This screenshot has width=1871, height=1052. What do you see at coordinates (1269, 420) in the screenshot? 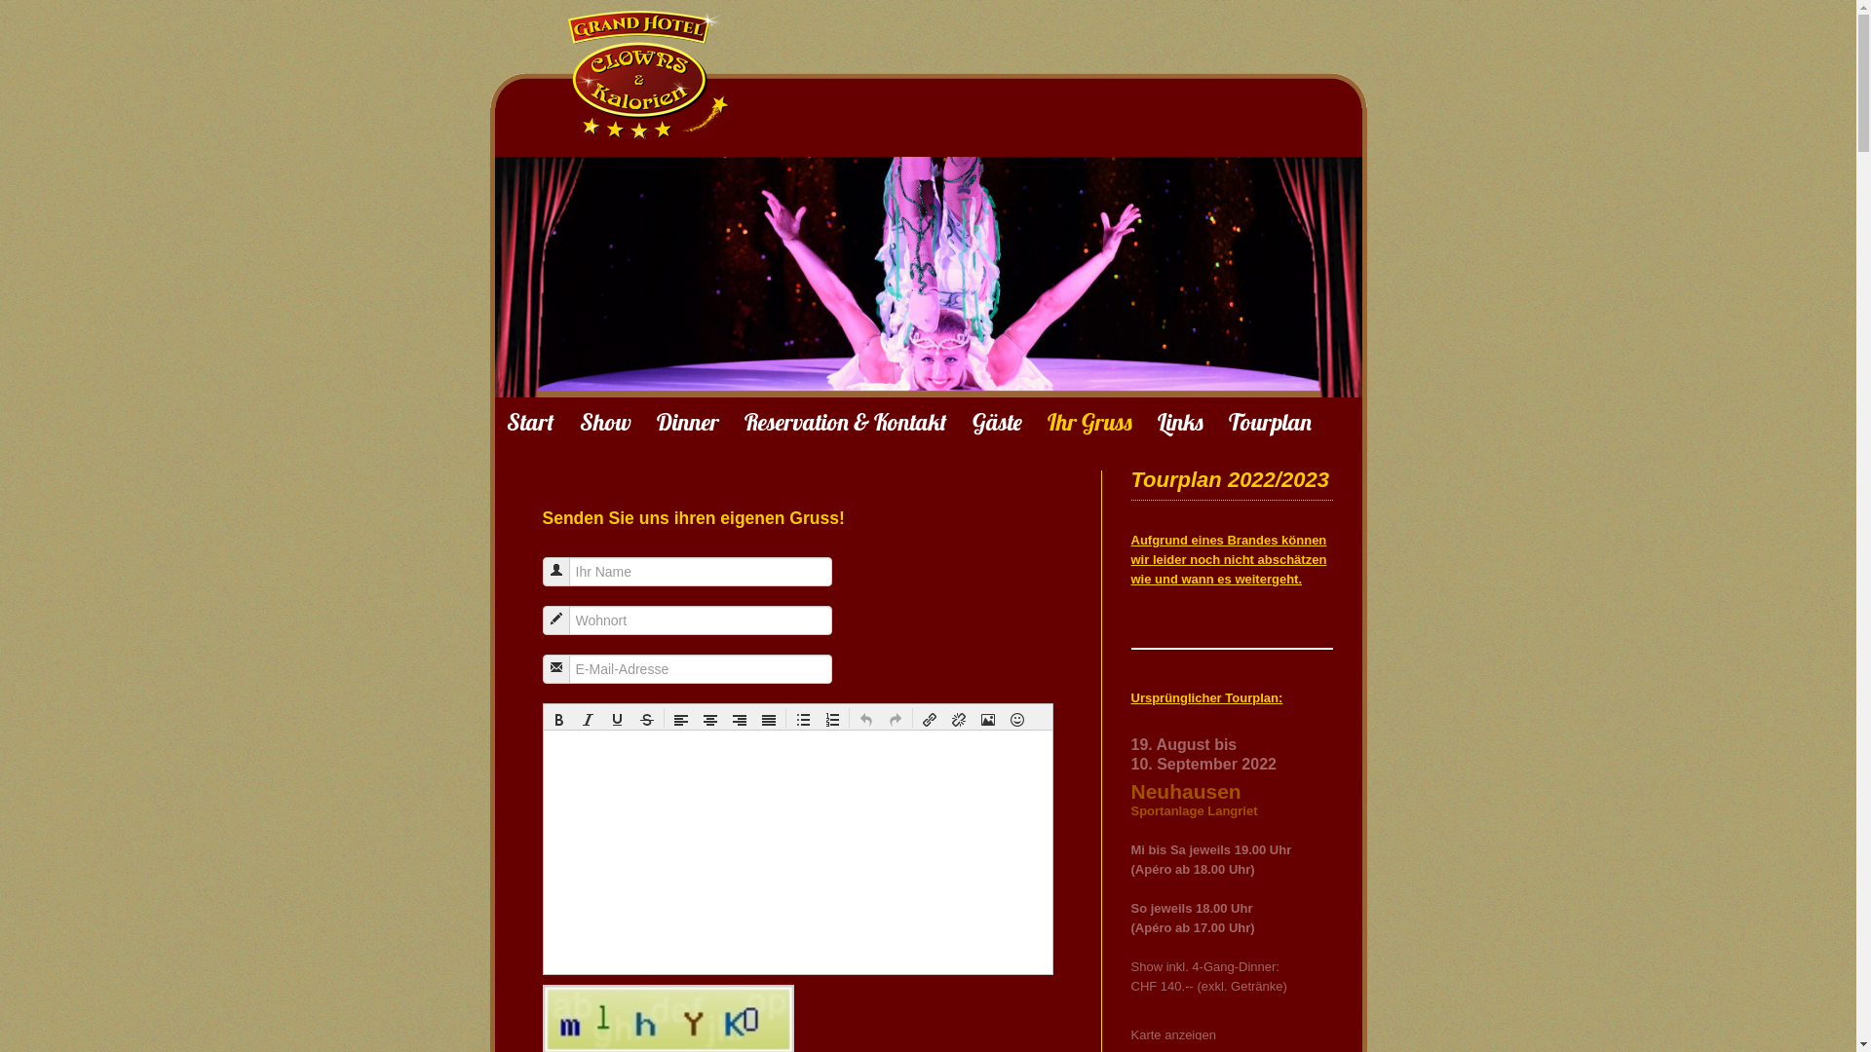
I see `'Tourplan'` at bounding box center [1269, 420].